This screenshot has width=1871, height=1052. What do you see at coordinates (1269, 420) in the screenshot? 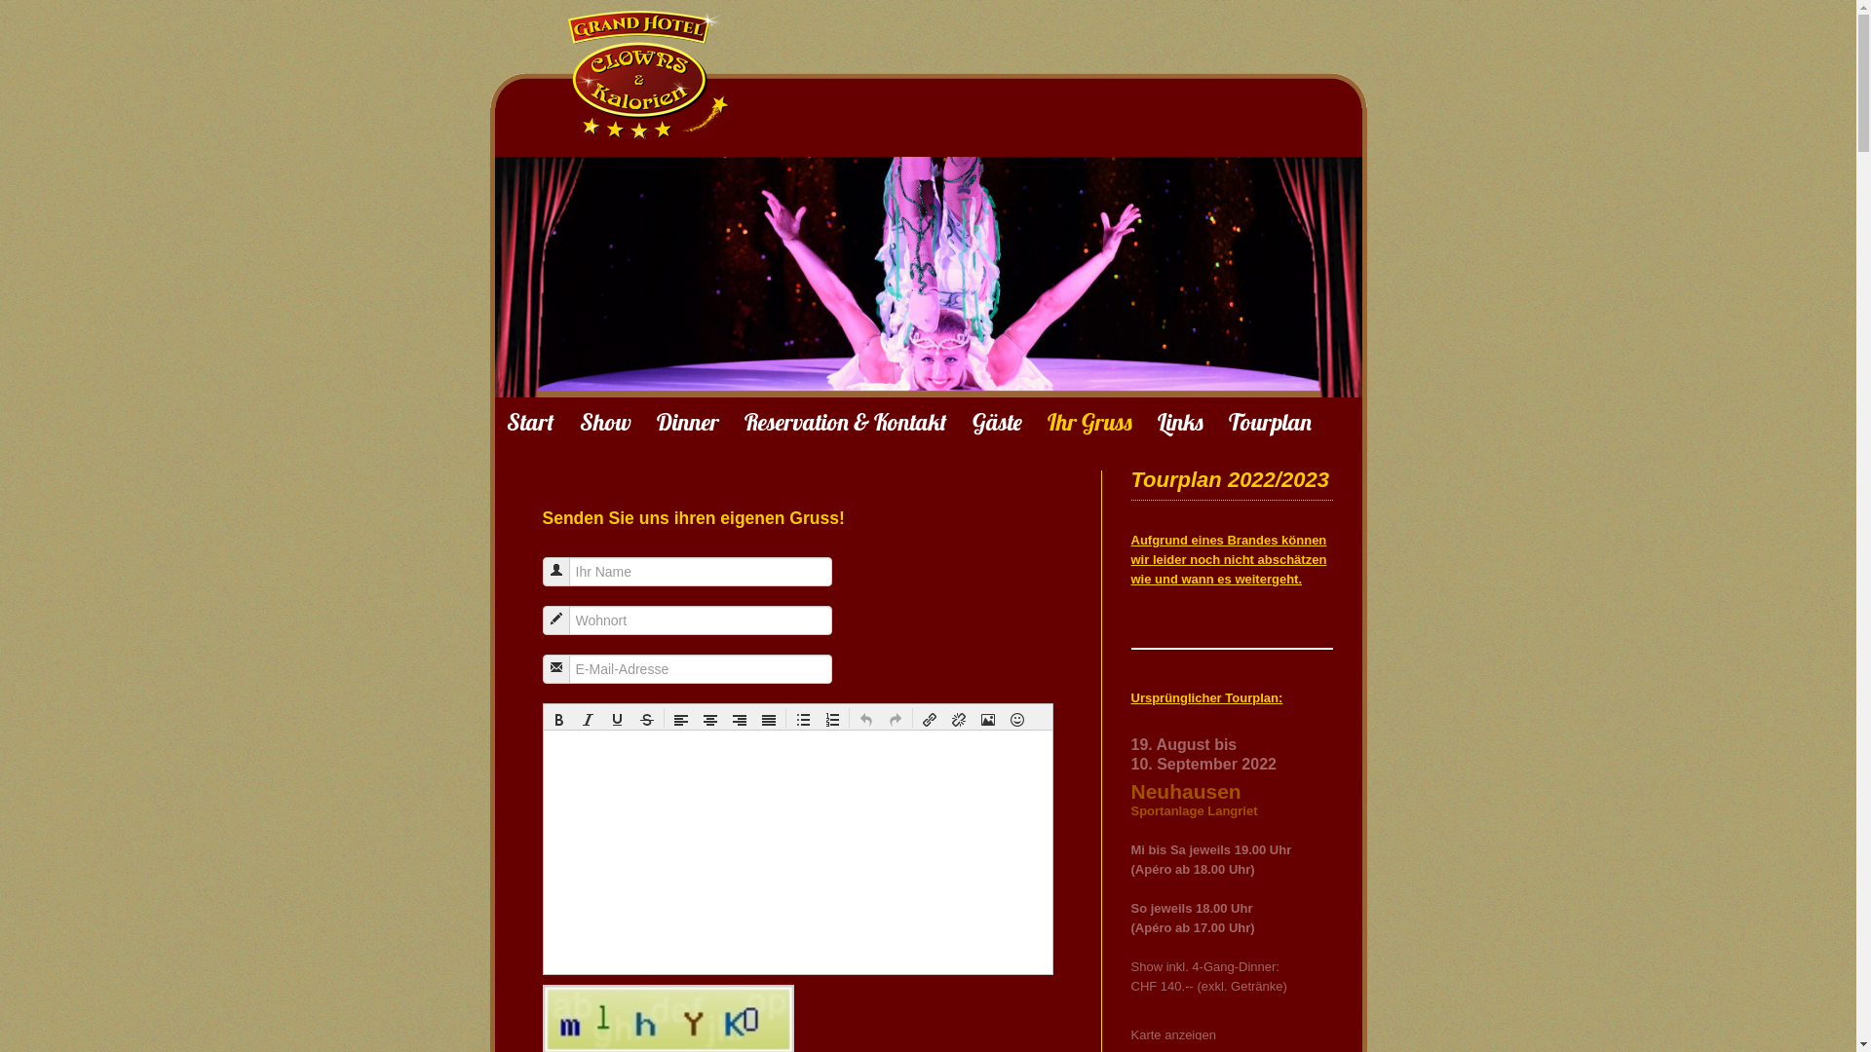
I see `'Tourplan'` at bounding box center [1269, 420].